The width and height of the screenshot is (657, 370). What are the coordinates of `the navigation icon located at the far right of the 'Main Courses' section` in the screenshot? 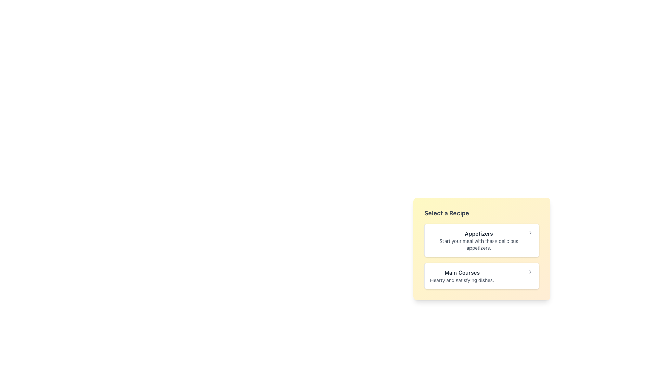 It's located at (530, 271).